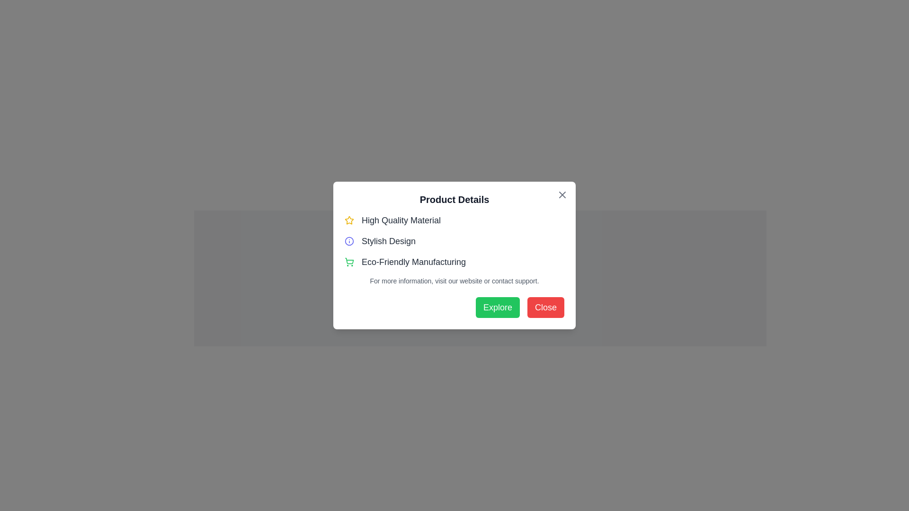 This screenshot has width=909, height=511. Describe the element at coordinates (562, 194) in the screenshot. I see `the close button located at the top-right corner of the dialog box to change its visual state` at that location.